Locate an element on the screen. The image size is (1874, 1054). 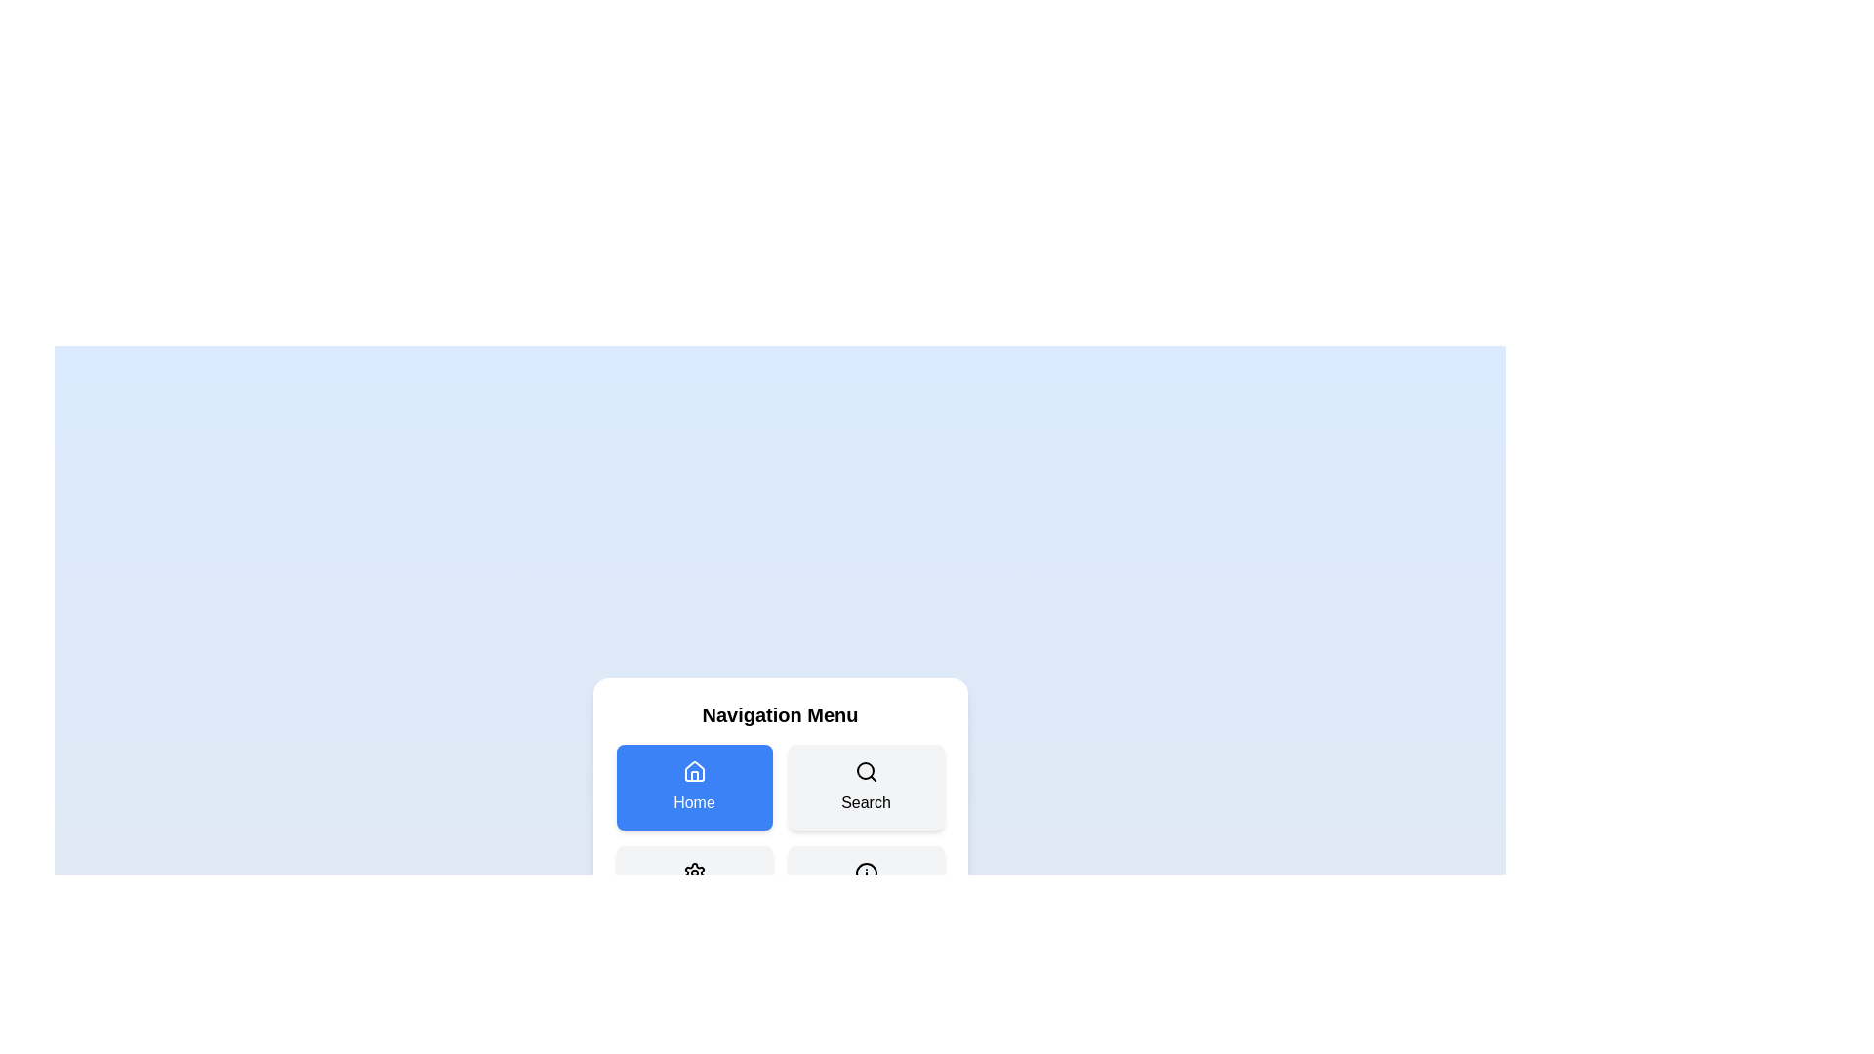
the menu item Search to observe its hover effect is located at coordinates (865, 786).